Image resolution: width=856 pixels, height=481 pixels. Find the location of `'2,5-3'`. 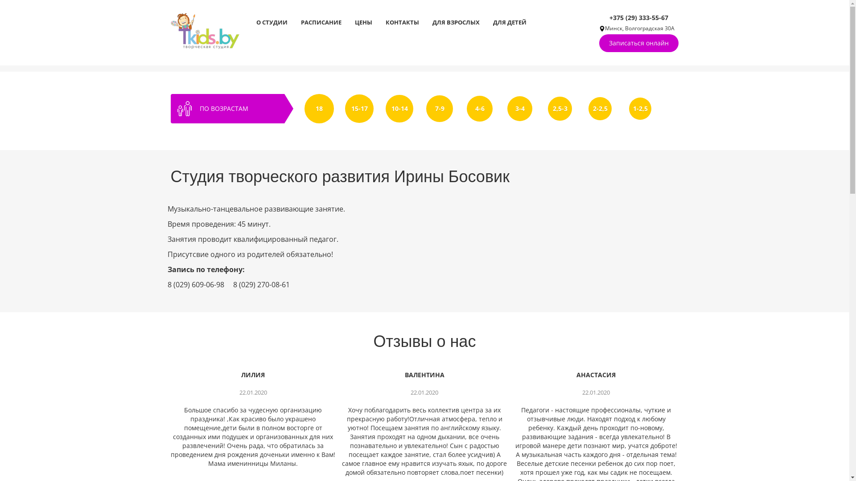

'2,5-3' is located at coordinates (560, 108).